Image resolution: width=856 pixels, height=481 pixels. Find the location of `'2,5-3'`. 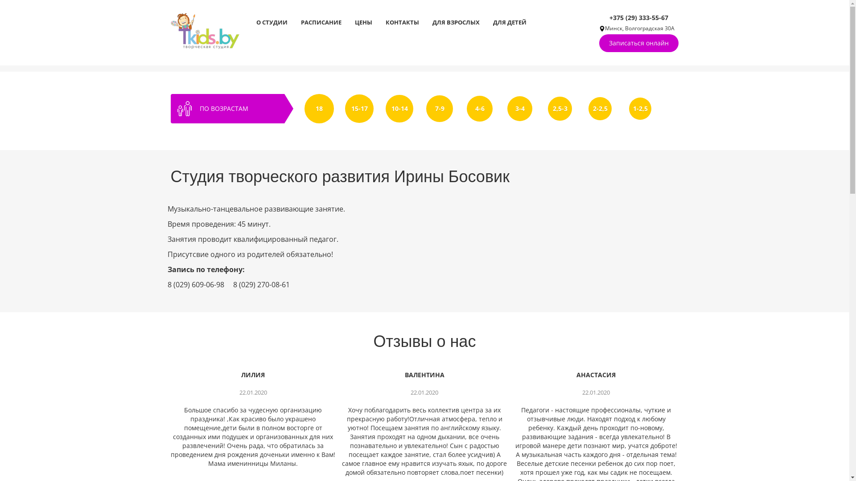

'2,5-3' is located at coordinates (560, 108).